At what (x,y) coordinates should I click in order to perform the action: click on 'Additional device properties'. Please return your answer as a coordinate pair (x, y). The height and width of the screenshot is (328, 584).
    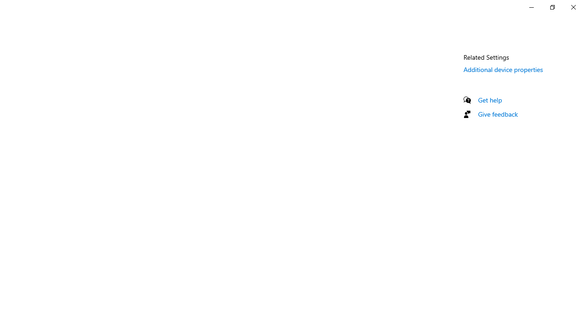
    Looking at the image, I should click on (503, 69).